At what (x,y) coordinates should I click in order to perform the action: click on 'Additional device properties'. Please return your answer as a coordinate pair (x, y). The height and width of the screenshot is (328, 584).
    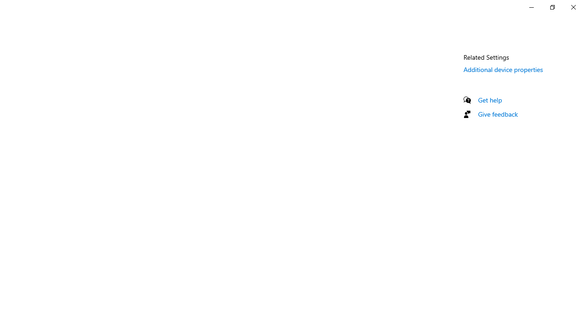
    Looking at the image, I should click on (503, 69).